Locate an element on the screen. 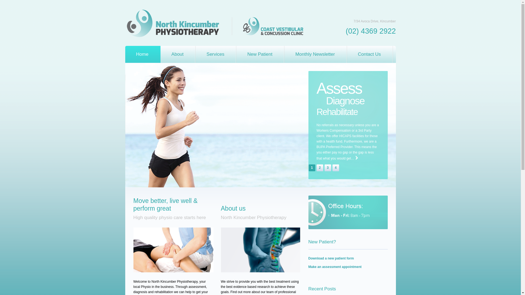  'Download a new patient form' is located at coordinates (331, 258).